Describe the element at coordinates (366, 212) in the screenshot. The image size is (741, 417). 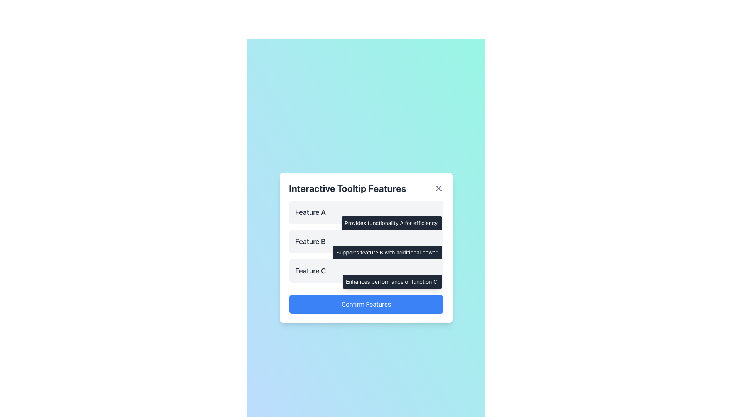
I see `the visual presentation of the Informational label titled 'Feature A' with the tooltip that describes its functionality` at that location.